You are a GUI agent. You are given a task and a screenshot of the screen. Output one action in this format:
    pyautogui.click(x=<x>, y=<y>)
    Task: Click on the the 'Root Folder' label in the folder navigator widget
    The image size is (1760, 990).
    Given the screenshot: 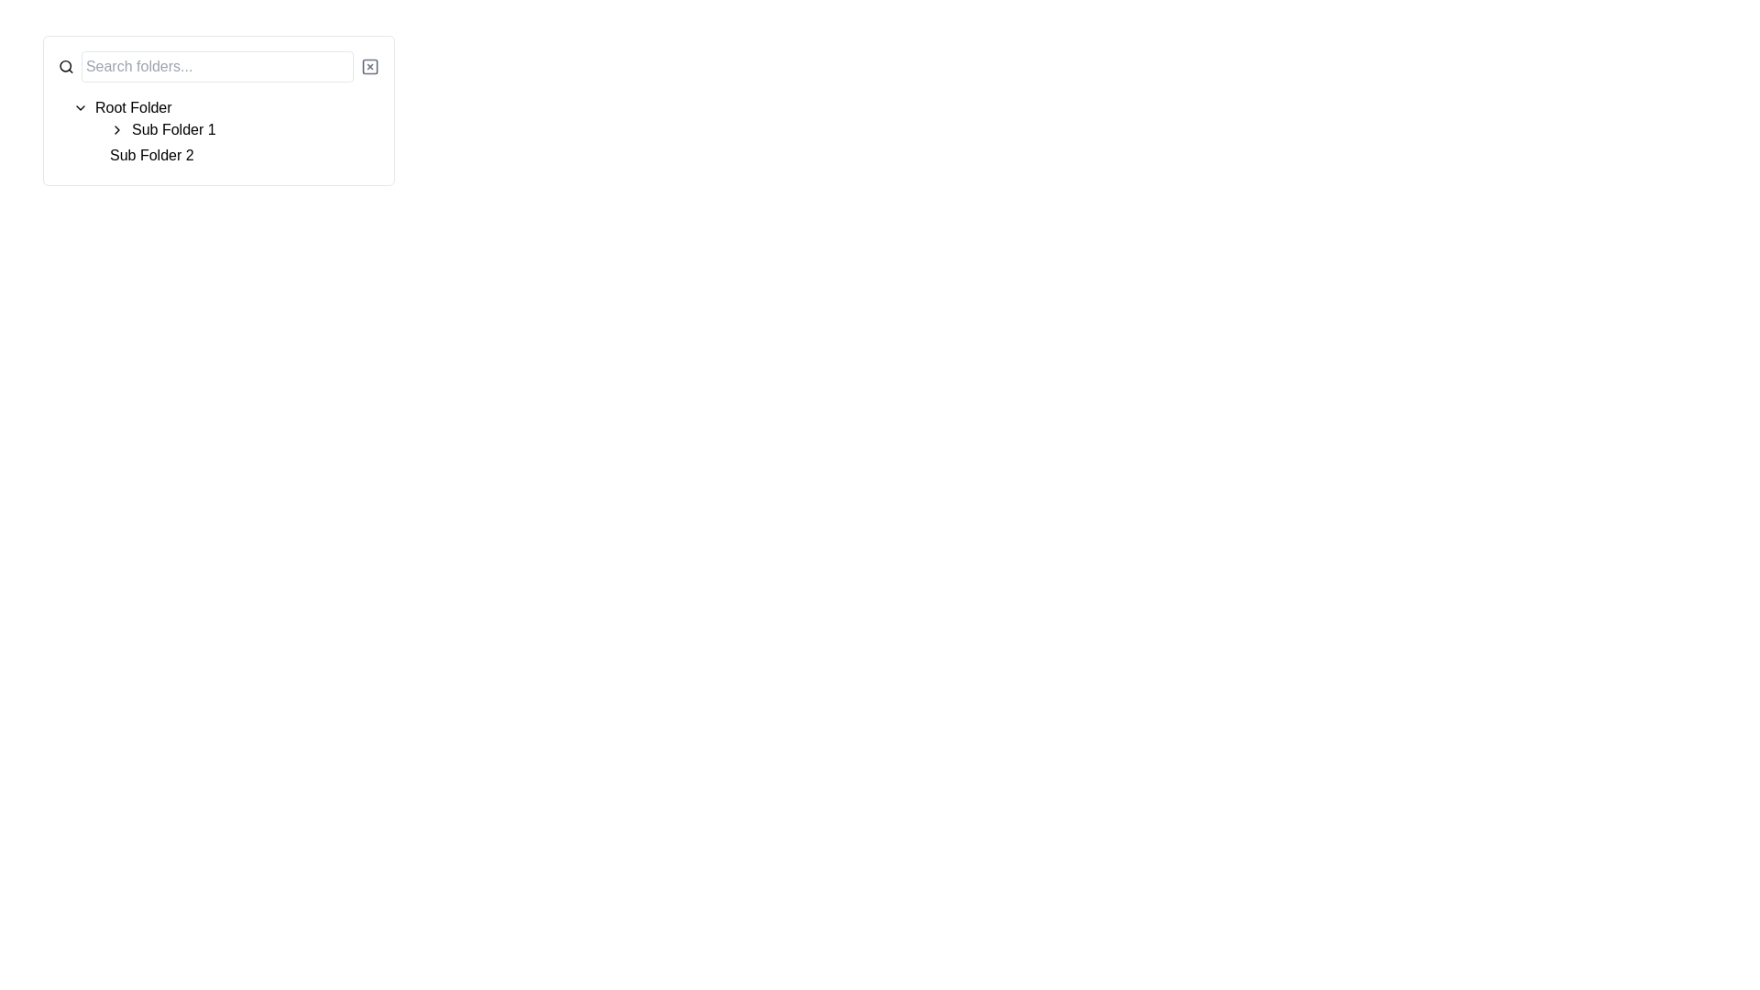 What is the action you would take?
    pyautogui.click(x=132, y=108)
    